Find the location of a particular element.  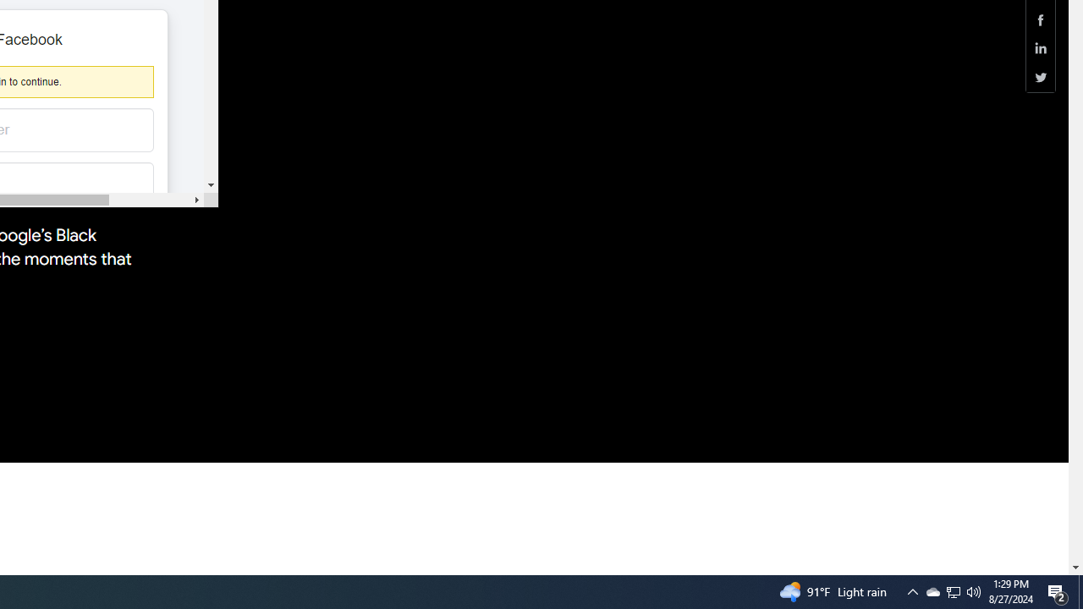

'Q2790: 100%' is located at coordinates (954, 590).